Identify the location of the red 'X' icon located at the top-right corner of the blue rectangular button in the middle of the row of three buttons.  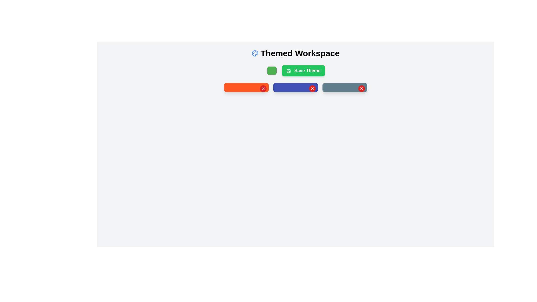
(312, 88).